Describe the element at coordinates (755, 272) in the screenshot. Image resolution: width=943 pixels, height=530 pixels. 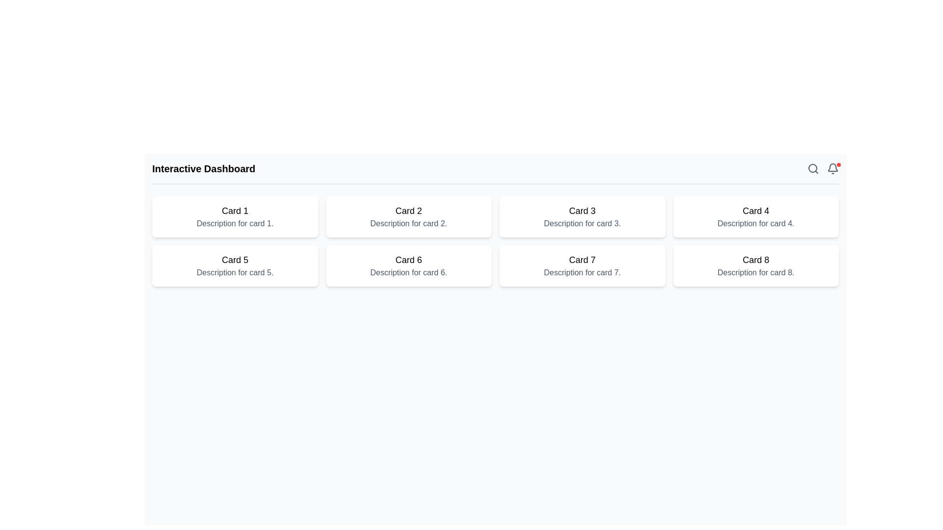
I see `centrally aligned gray text that says 'Description for card 8.' located at the bottom part of the eighth card in the grid layout` at that location.